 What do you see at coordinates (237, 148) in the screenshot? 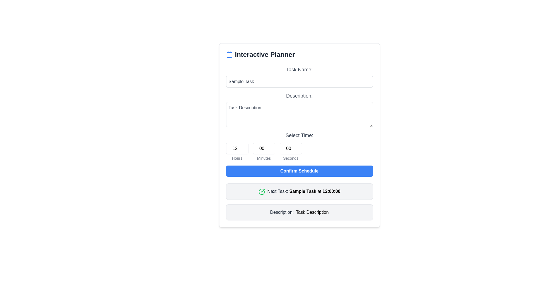
I see `the numeric input box for 'Hours' to focus on it` at bounding box center [237, 148].